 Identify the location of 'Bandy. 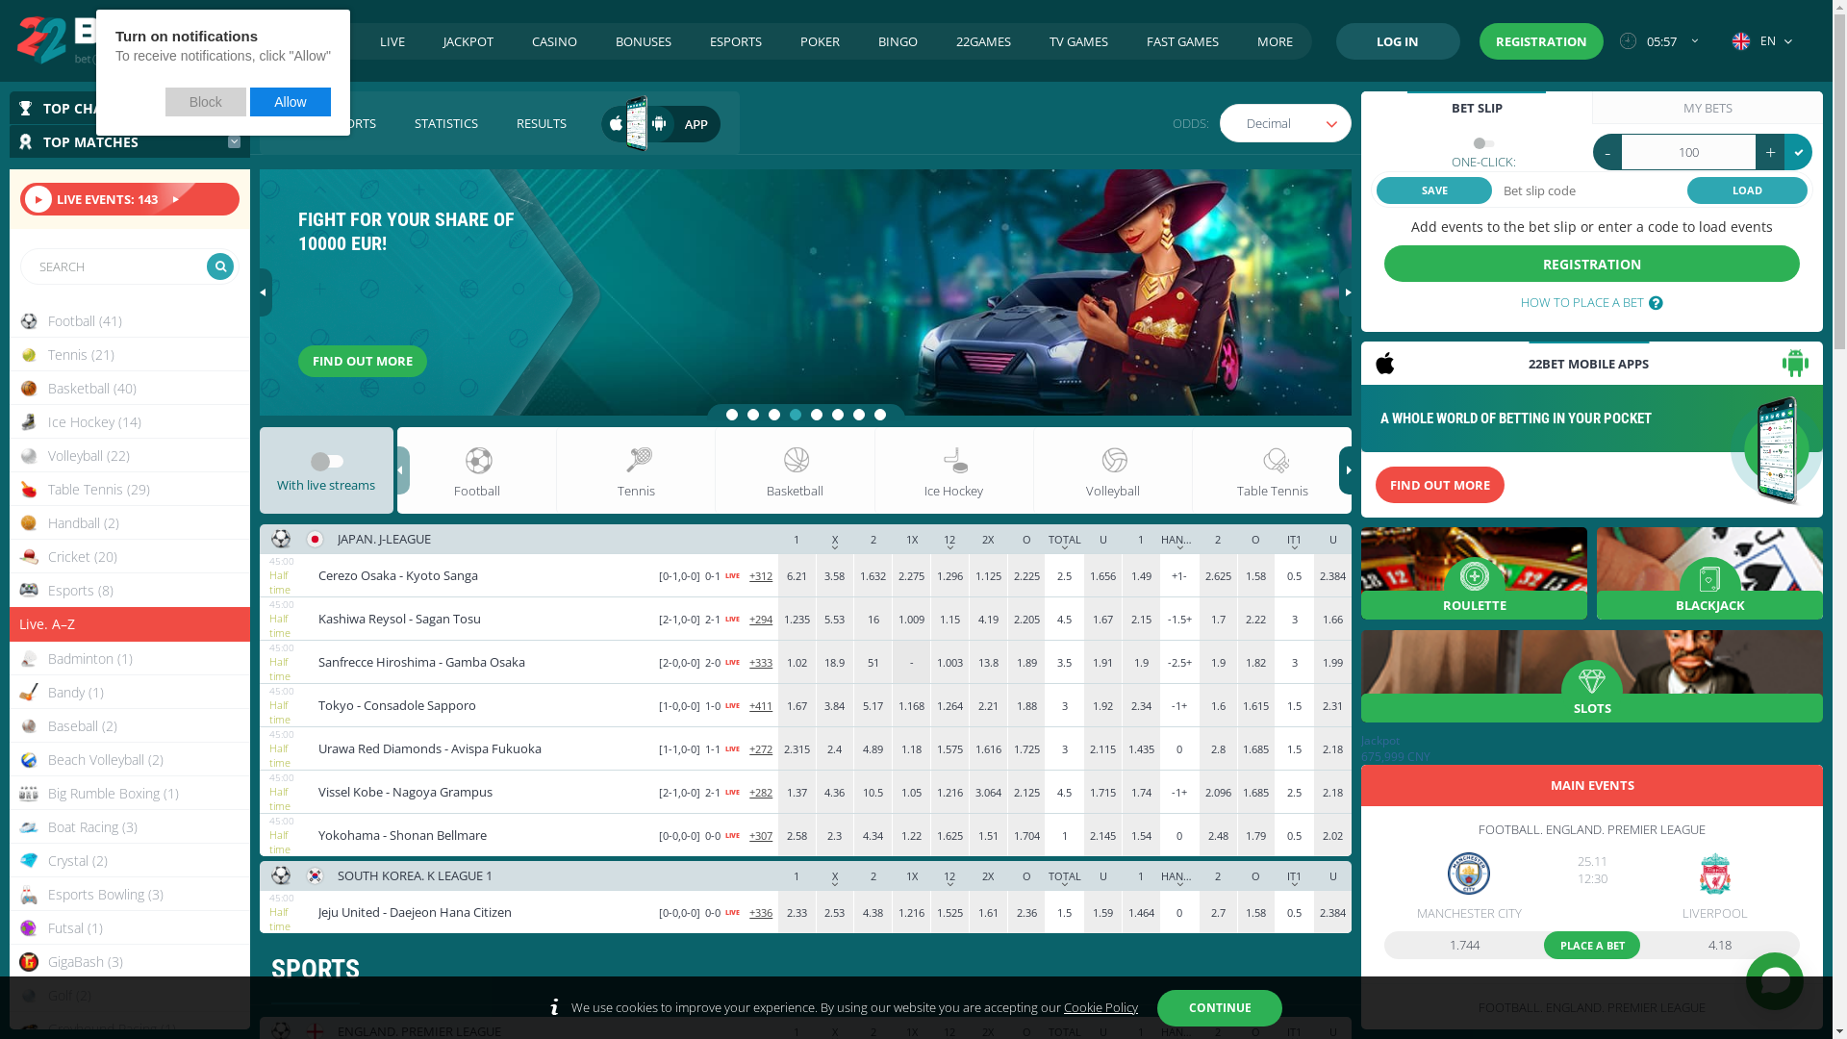
(128, 691).